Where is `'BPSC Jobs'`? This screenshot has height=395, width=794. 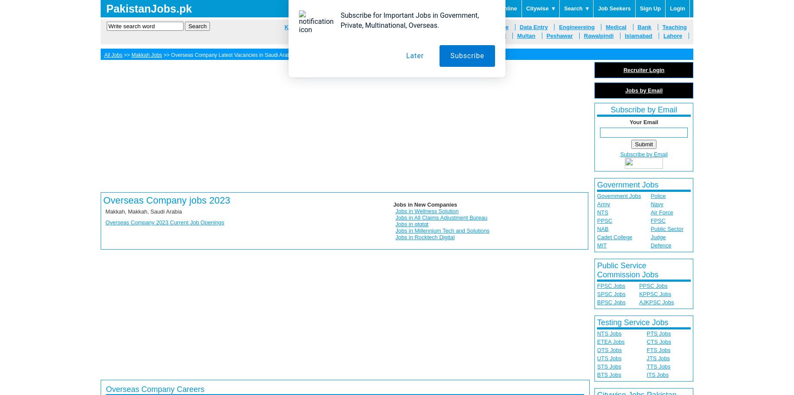 'BPSC Jobs' is located at coordinates (611, 302).